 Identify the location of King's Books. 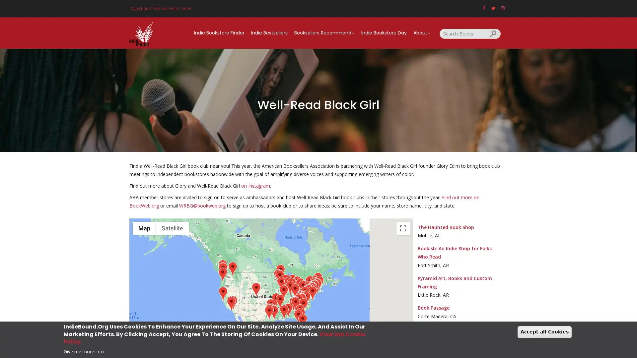
(223, 269).